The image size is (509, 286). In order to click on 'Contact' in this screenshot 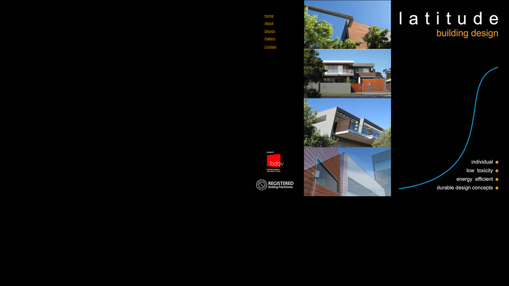, I will do `click(265, 46)`.